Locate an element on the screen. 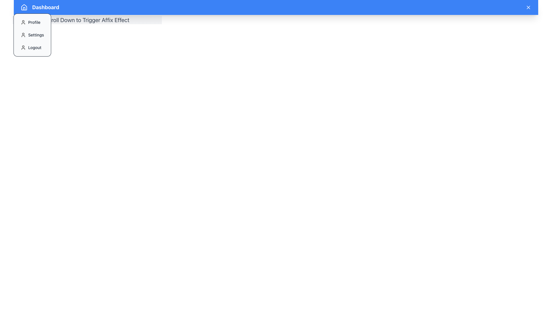 The height and width of the screenshot is (310, 552). the 'Settings' menu item located below 'Profile' and above 'Logout' in the vertical list menu is located at coordinates (32, 35).